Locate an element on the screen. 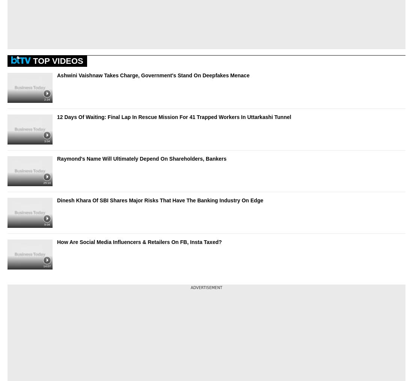  'How Are Social Media Influencers & Retailers On FB, Insta Taxed?' is located at coordinates (139, 241).